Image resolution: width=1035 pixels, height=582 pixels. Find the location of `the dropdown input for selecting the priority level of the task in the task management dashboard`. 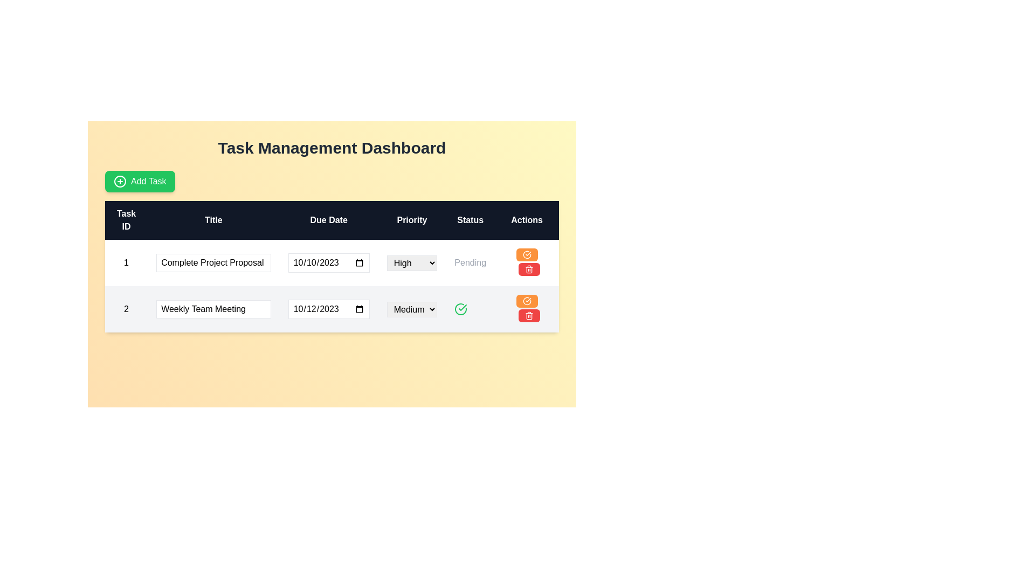

the dropdown input for selecting the priority level of the task in the task management dashboard is located at coordinates (411, 263).